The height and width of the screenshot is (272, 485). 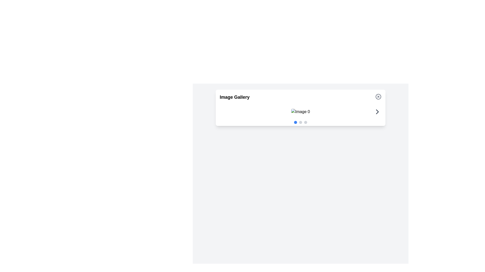 I want to click on the navigation button located towards the right edge of the image gallery, so click(x=377, y=111).